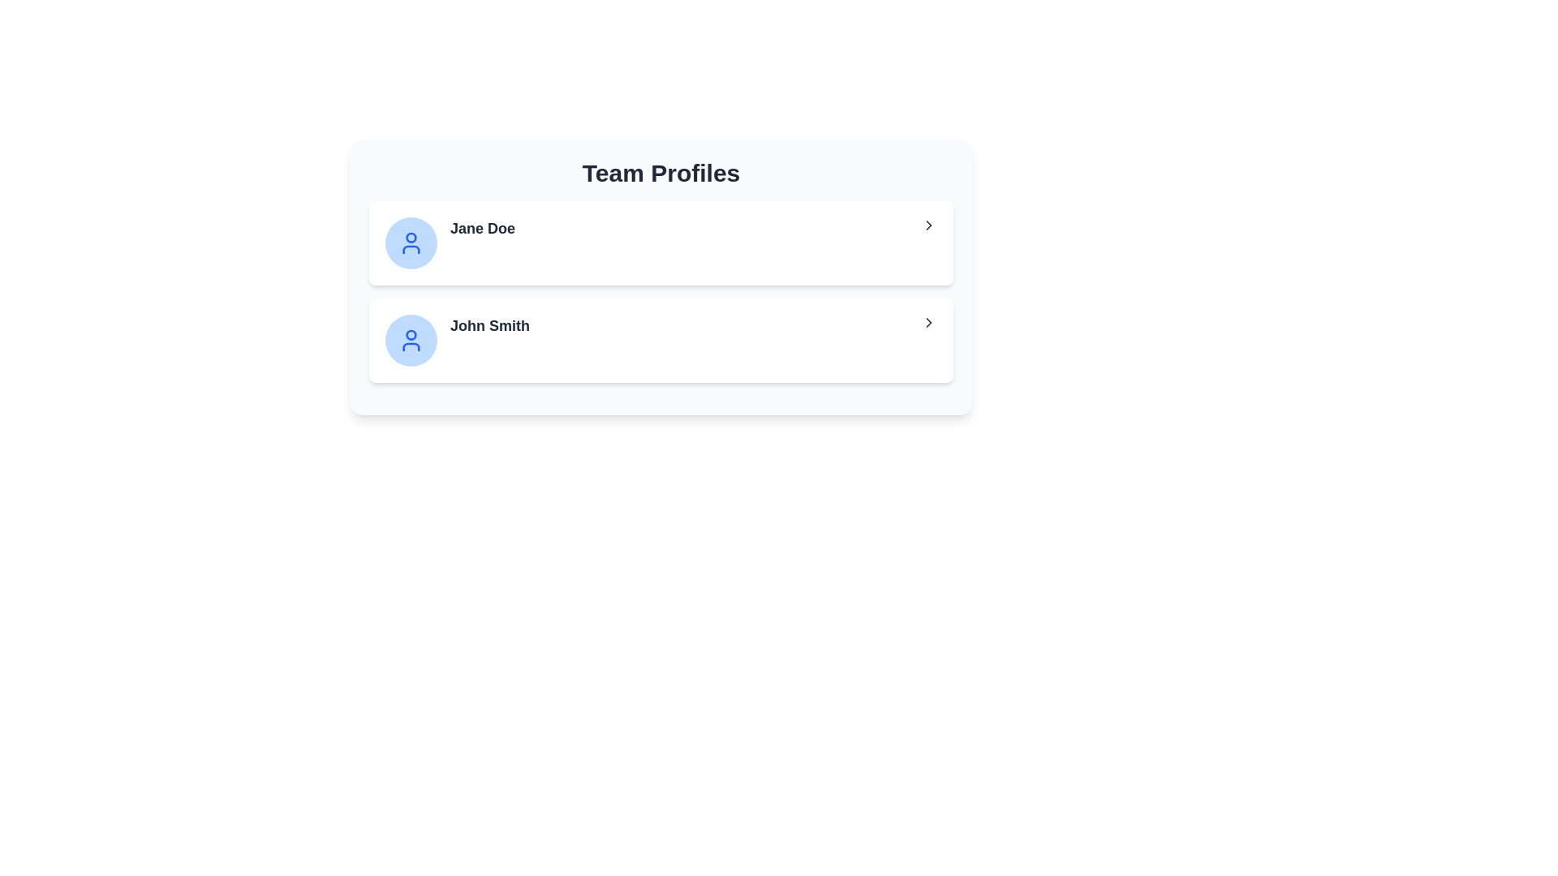 This screenshot has width=1558, height=876. Describe the element at coordinates (411, 340) in the screenshot. I see `the User Avatar representing 'John Smith', located in the second row of the card layout, to the left of his name` at that location.